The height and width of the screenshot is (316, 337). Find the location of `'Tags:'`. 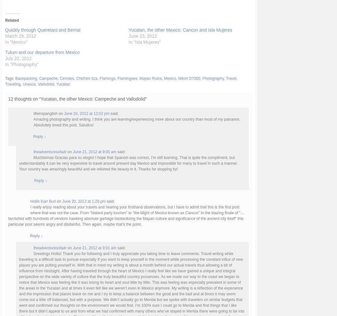

'Tags:' is located at coordinates (9, 78).